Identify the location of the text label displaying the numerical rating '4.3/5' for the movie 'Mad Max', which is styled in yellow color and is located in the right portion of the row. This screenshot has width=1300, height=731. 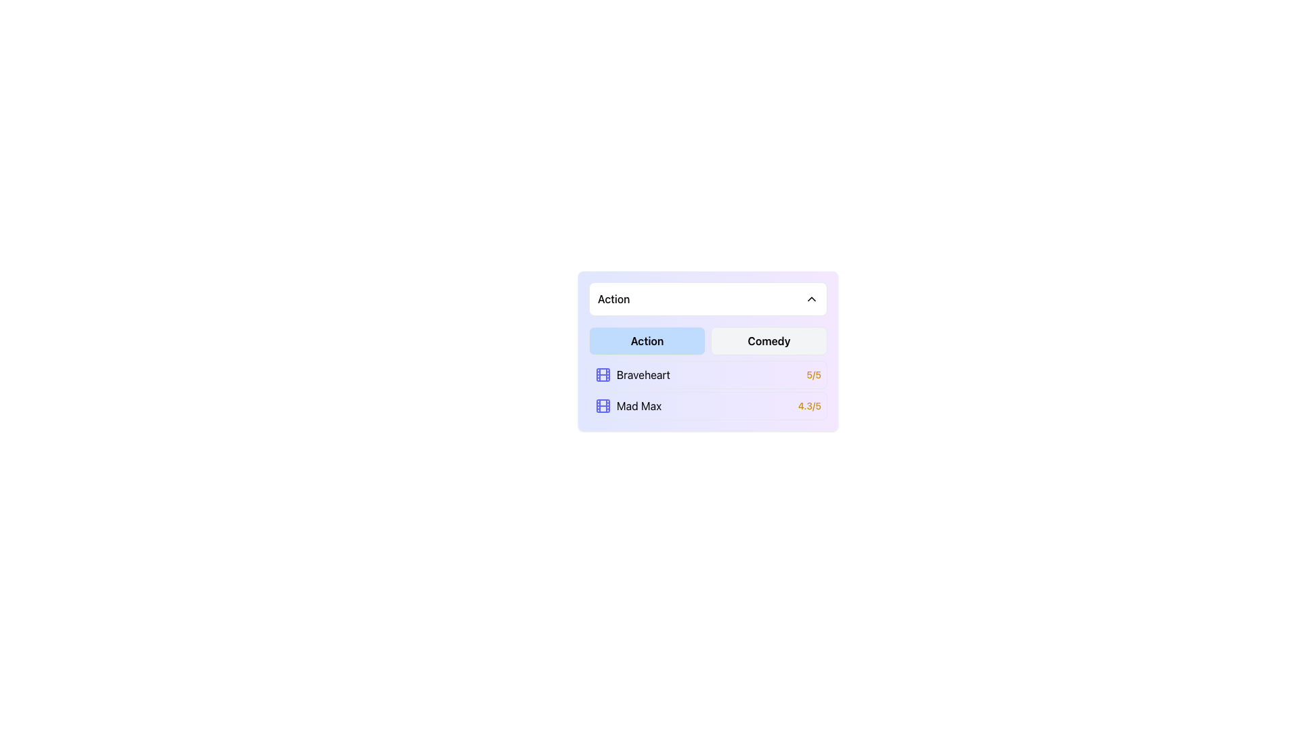
(809, 405).